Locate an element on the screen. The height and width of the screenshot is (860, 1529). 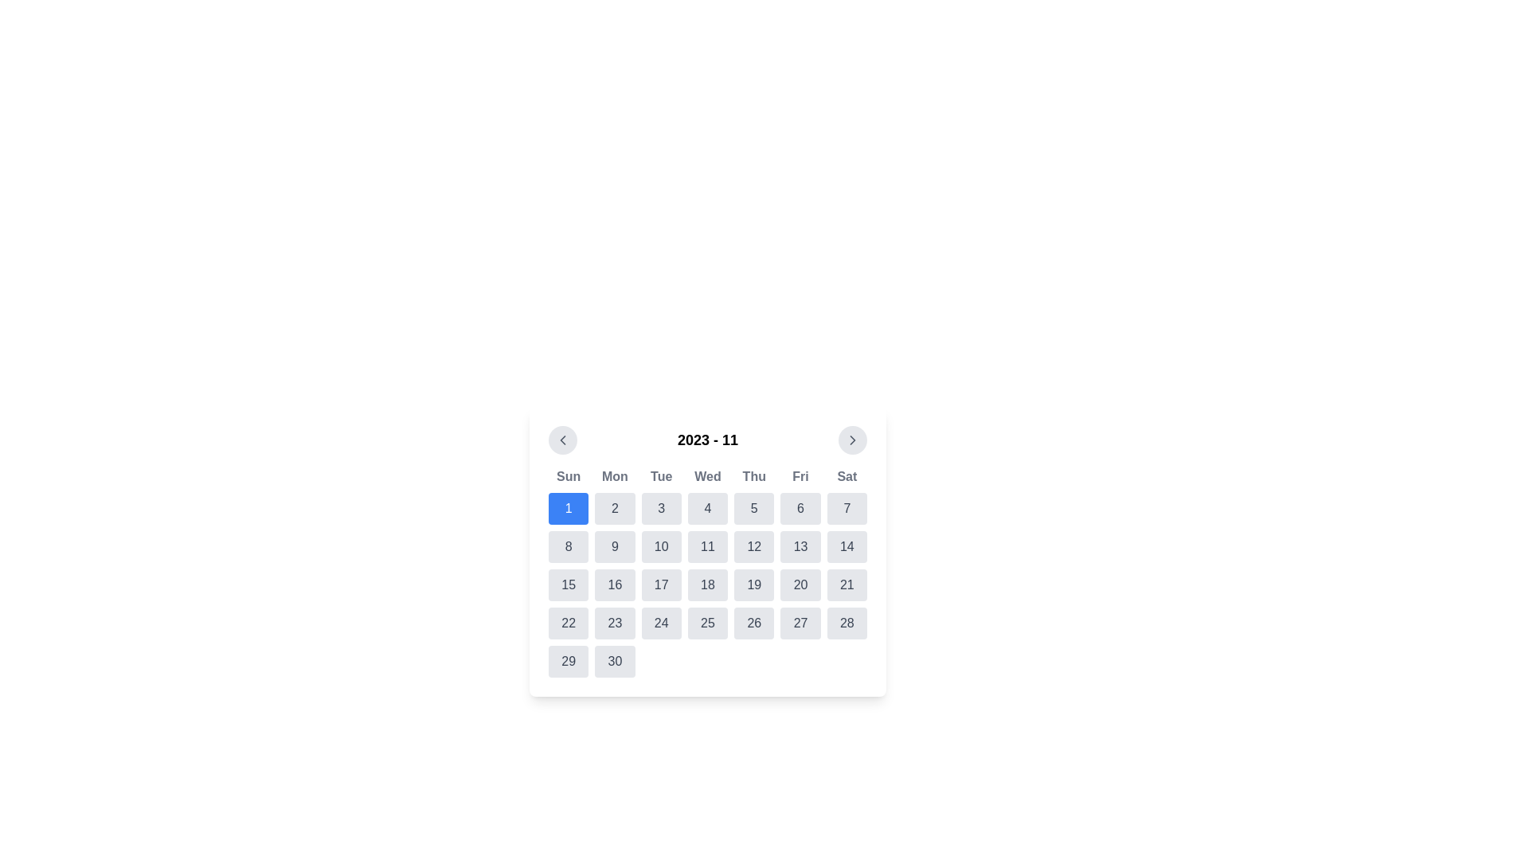
the button representing the selectable date '15' in the calendar interface is located at coordinates (569, 585).